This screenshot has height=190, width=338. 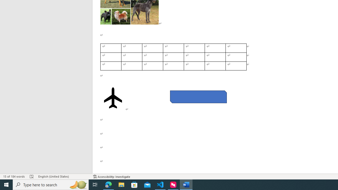 What do you see at coordinates (113, 98) in the screenshot?
I see `'Airplane with solid fill'` at bounding box center [113, 98].